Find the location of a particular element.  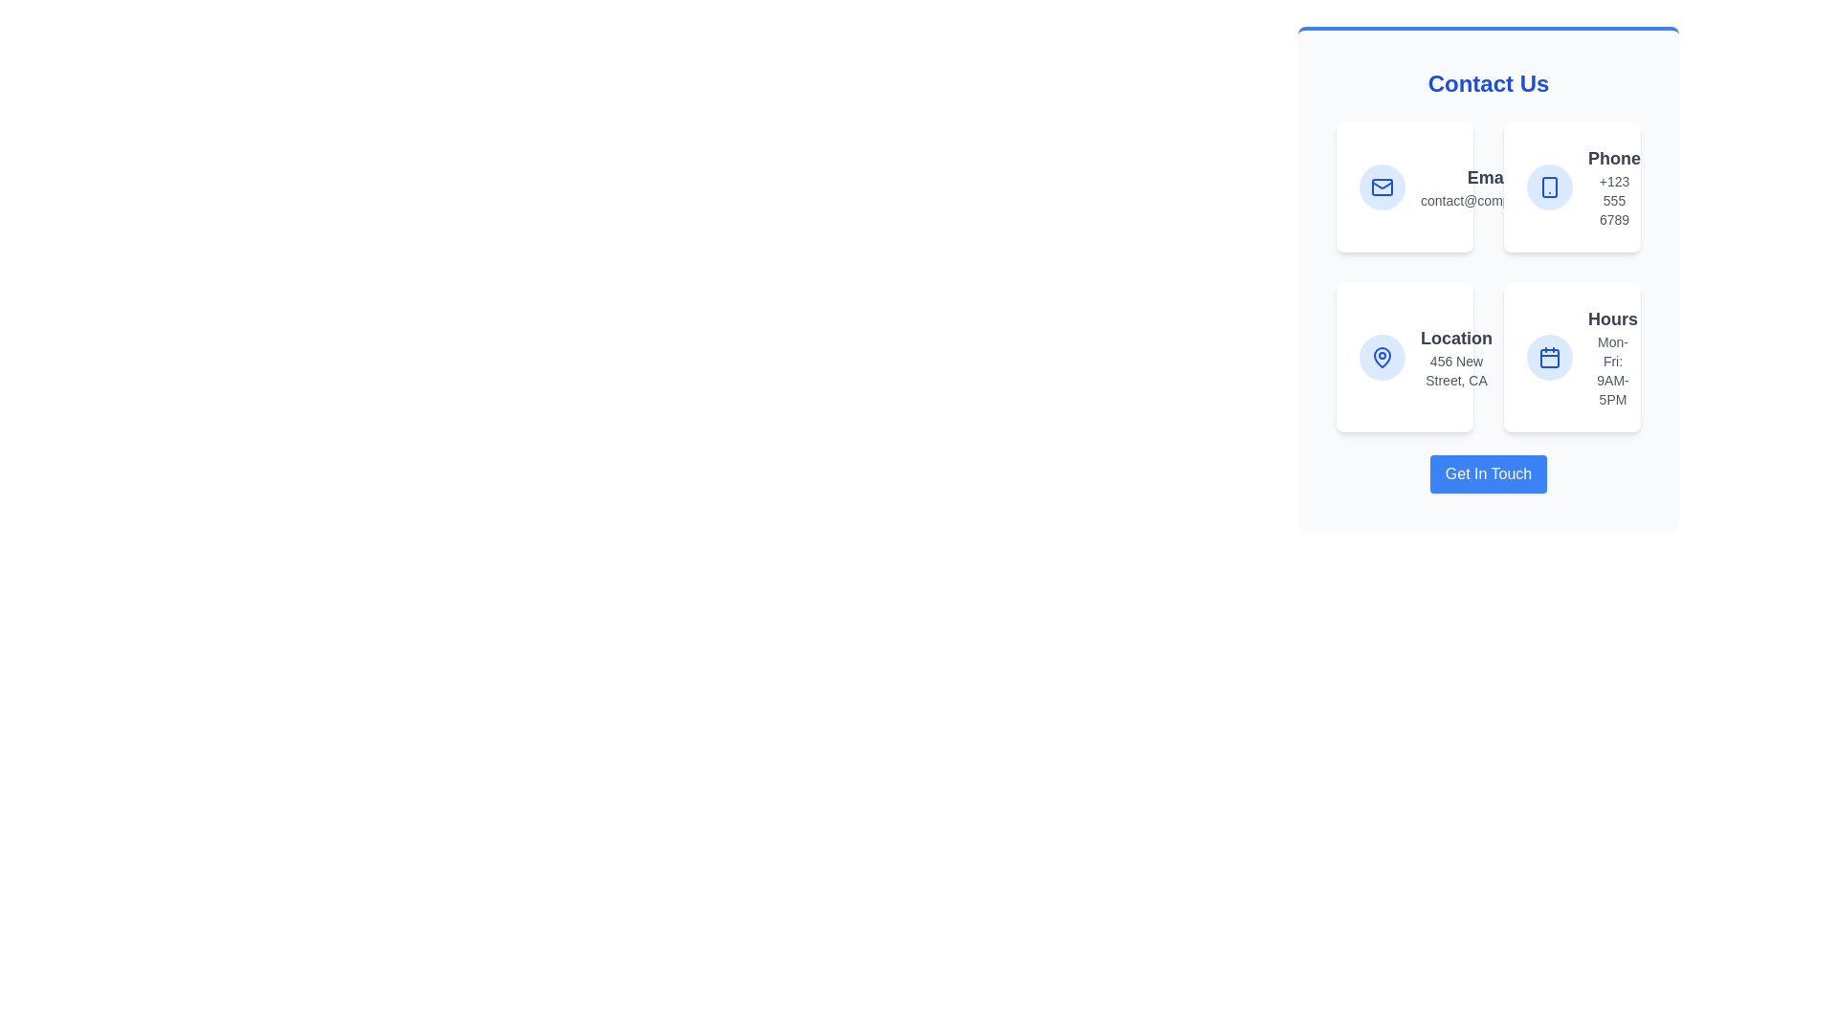

information displayed in the 'Hours' text information element, which shows 'Mon-Fri: 9AM-5PM' below the title 'Hours' is located at coordinates (1611, 358).